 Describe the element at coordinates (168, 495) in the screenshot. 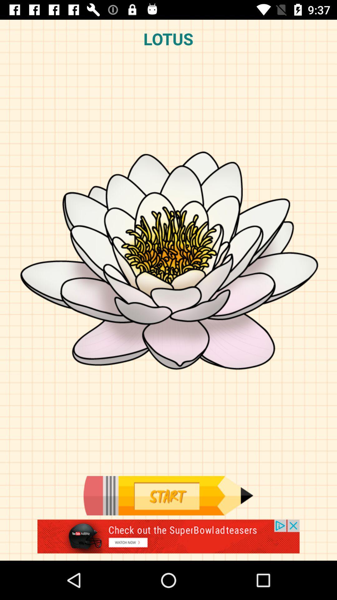

I see `start button` at that location.